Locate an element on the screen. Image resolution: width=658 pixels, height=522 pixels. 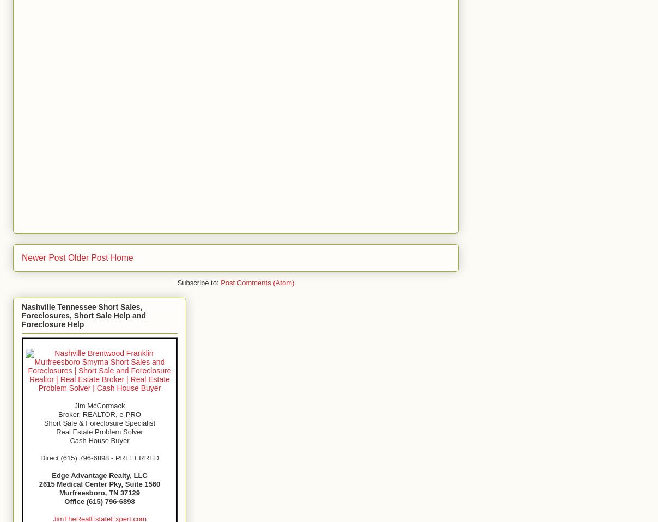
'Nashville Tennessee Short Sales, Foreclosures, Short Sale Help and Foreclosure Help' is located at coordinates (83, 315).